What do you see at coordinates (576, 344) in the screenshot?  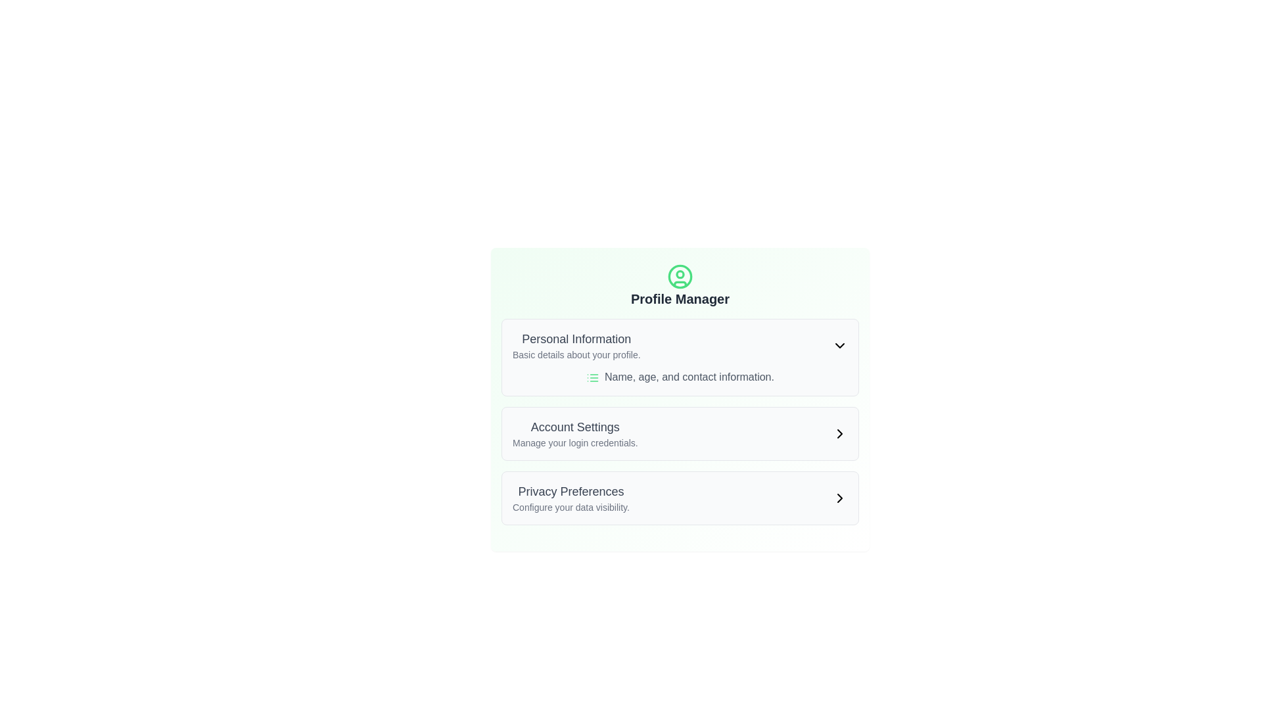 I see `the primary text component of the 'Personal Information' section, which serves as the title and description, located at the top-left of the first card under 'Profile Manager'` at bounding box center [576, 344].